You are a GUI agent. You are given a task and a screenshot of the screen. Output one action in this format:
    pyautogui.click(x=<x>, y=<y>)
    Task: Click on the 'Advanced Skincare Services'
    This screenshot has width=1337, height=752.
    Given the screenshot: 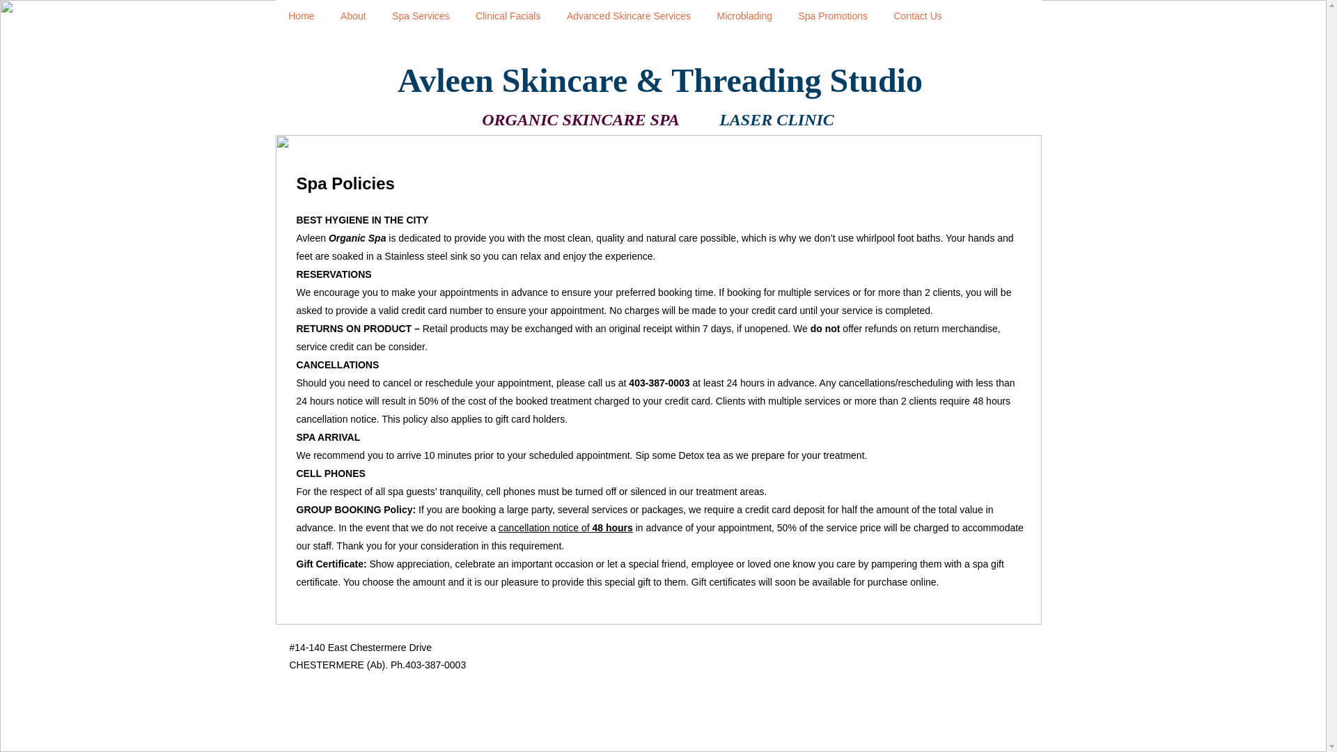 What is the action you would take?
    pyautogui.click(x=627, y=16)
    